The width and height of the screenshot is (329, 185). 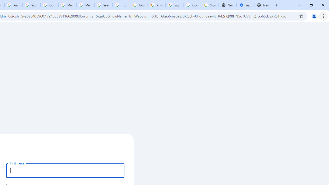 I want to click on 'Settings - Addresses and more', so click(x=245, y=5).